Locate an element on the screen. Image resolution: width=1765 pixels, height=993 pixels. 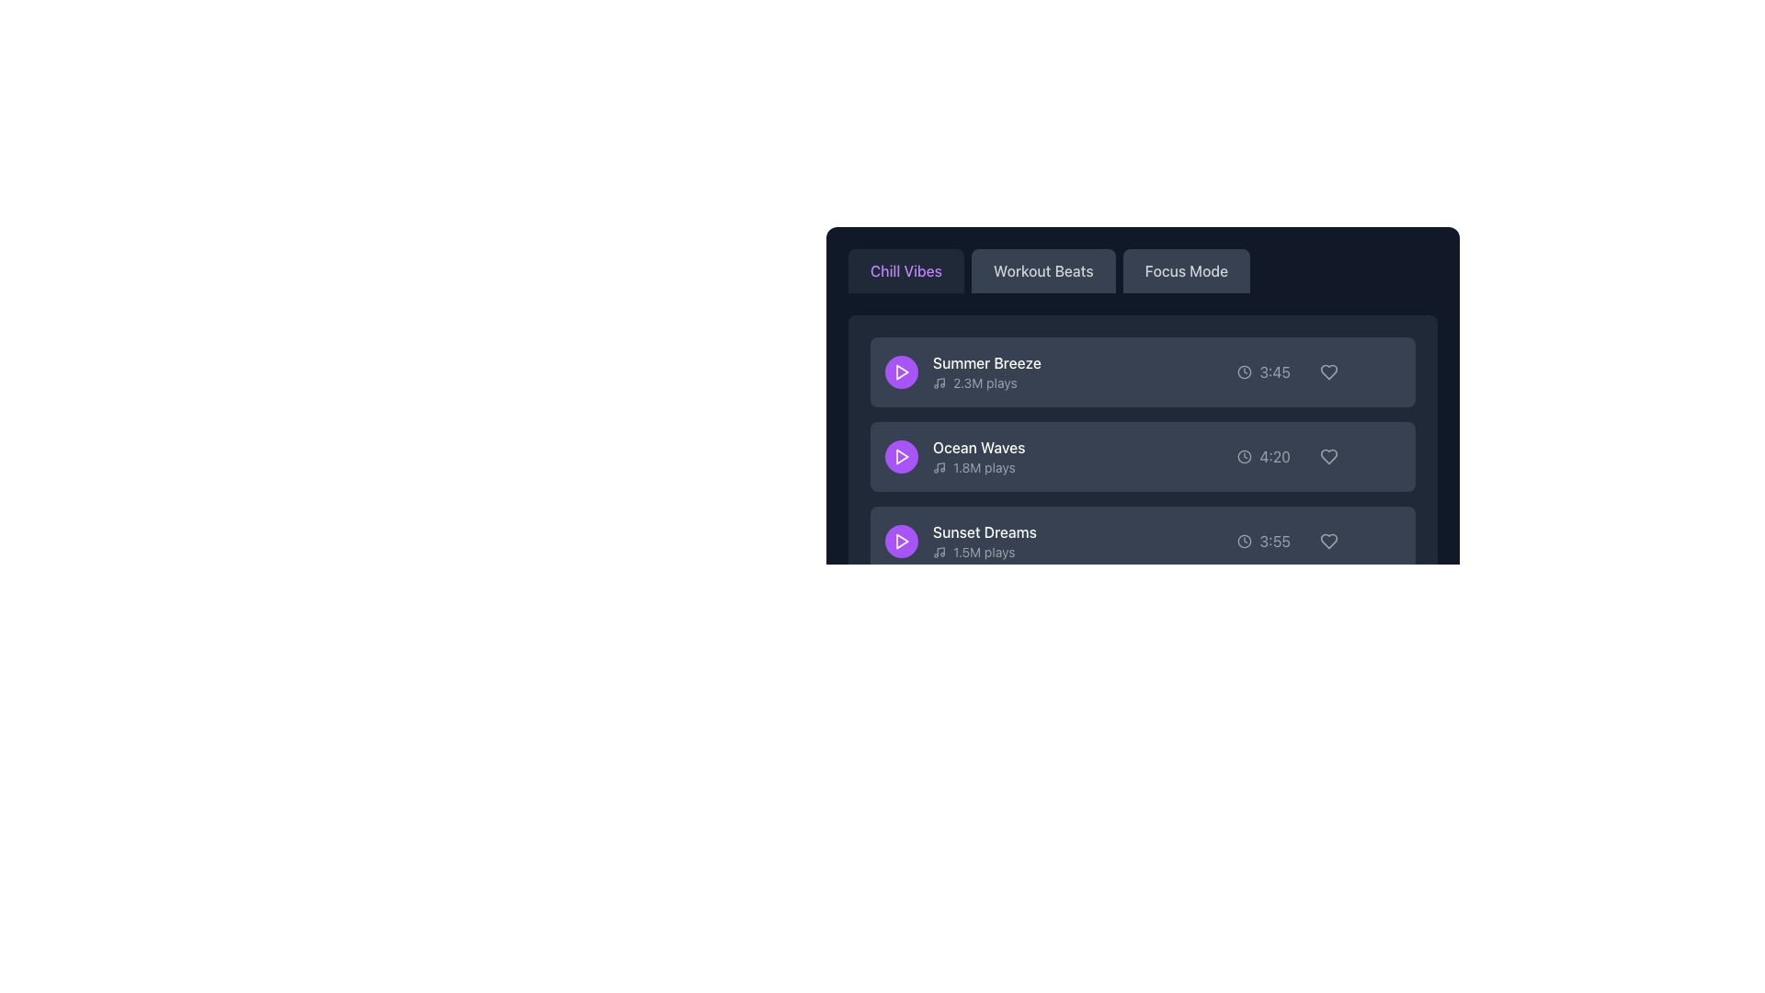
the text label displaying the total number of plays (1.8 million) for the 'Ocean Waves' track, located below its main heading and to the right of the music note icon is located at coordinates (978, 467).